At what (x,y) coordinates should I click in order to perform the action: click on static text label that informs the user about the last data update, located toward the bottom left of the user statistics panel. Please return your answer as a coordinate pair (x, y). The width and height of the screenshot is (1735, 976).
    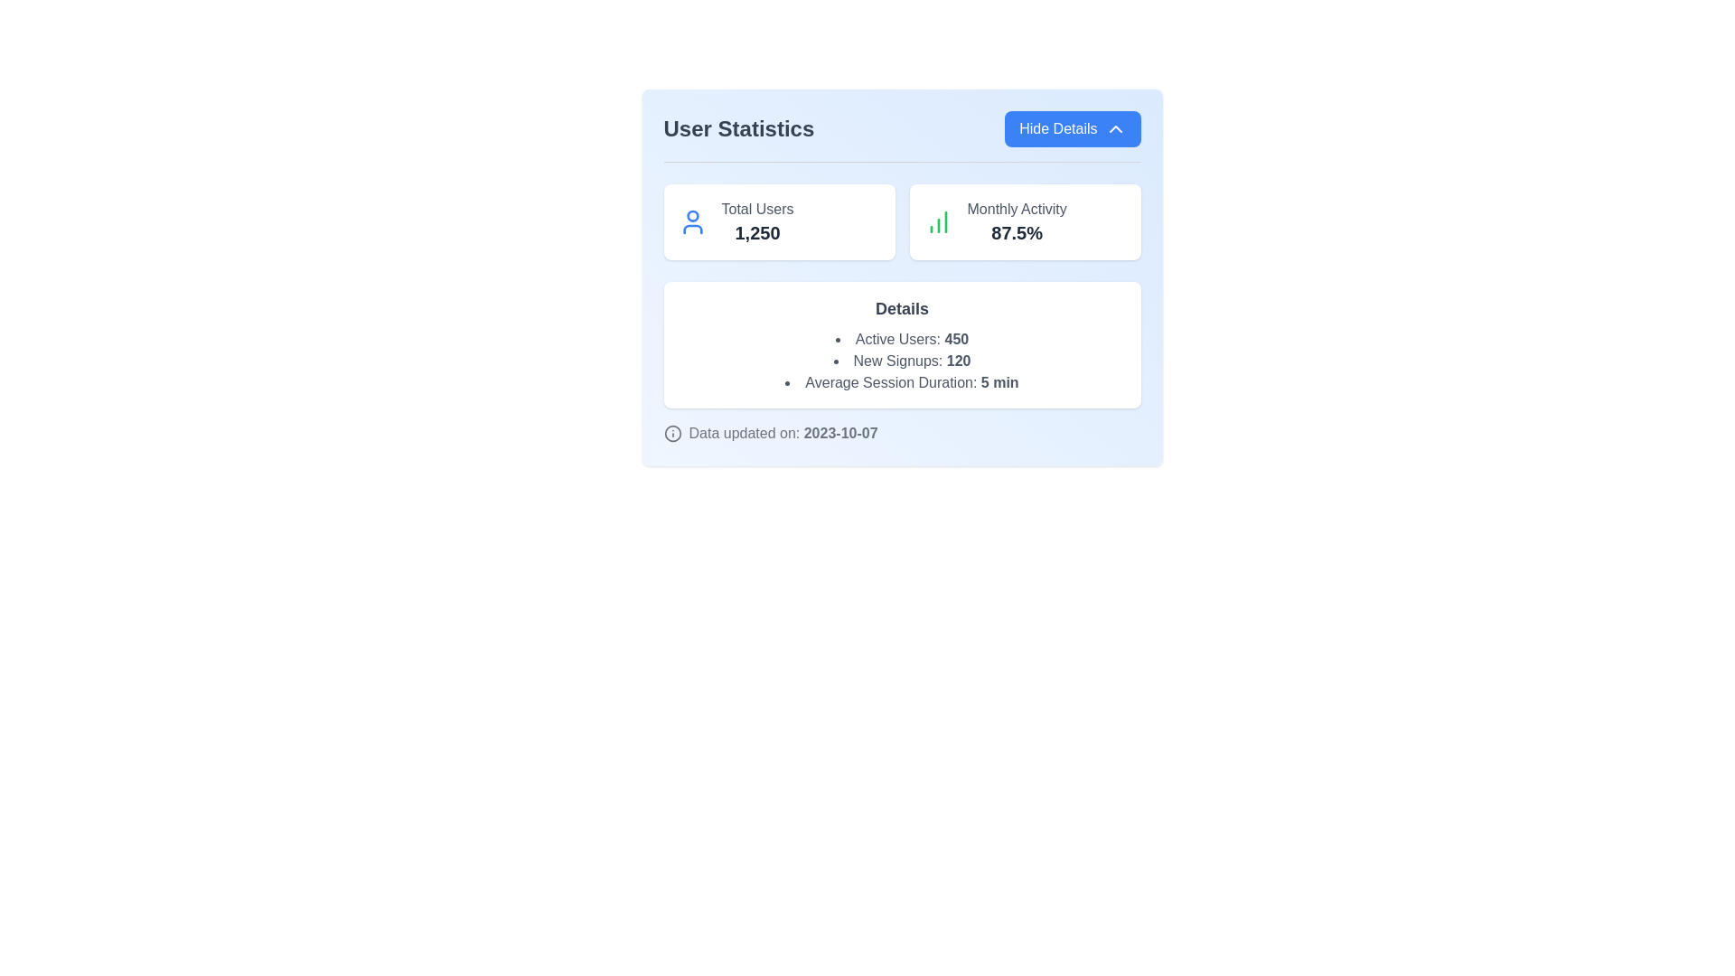
    Looking at the image, I should click on (783, 433).